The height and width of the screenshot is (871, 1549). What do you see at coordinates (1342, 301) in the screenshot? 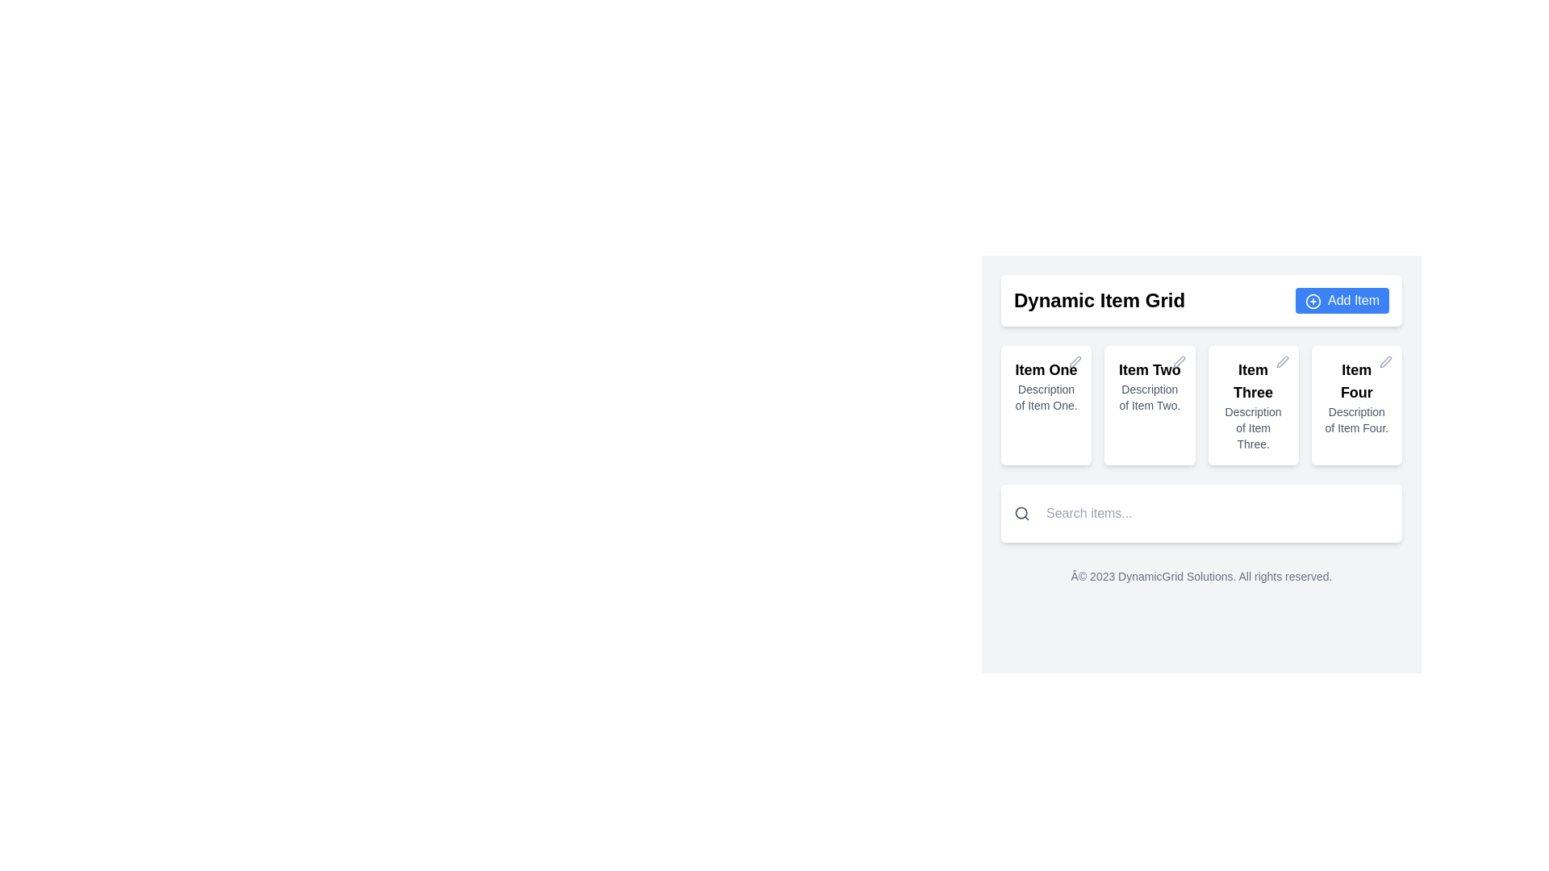
I see `the button located at the top-right corner of the 'Dynamic Item Grid' header section to change its appearance` at bounding box center [1342, 301].